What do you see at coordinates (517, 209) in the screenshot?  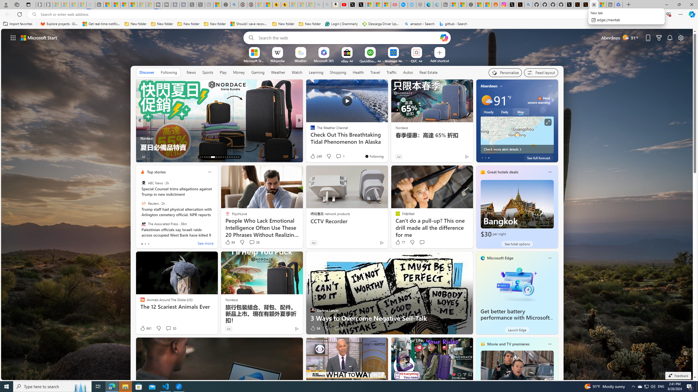 I see `'Bangkok'` at bounding box center [517, 209].